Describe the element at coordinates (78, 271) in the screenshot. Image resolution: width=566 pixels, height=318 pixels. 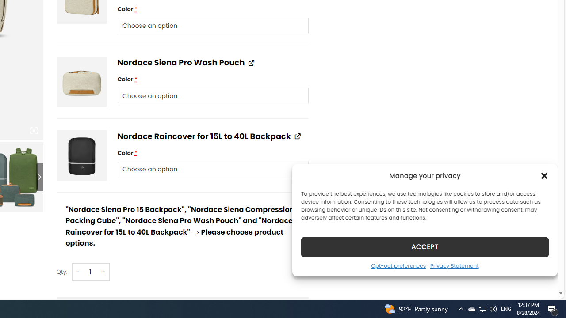
I see `'-'` at that location.